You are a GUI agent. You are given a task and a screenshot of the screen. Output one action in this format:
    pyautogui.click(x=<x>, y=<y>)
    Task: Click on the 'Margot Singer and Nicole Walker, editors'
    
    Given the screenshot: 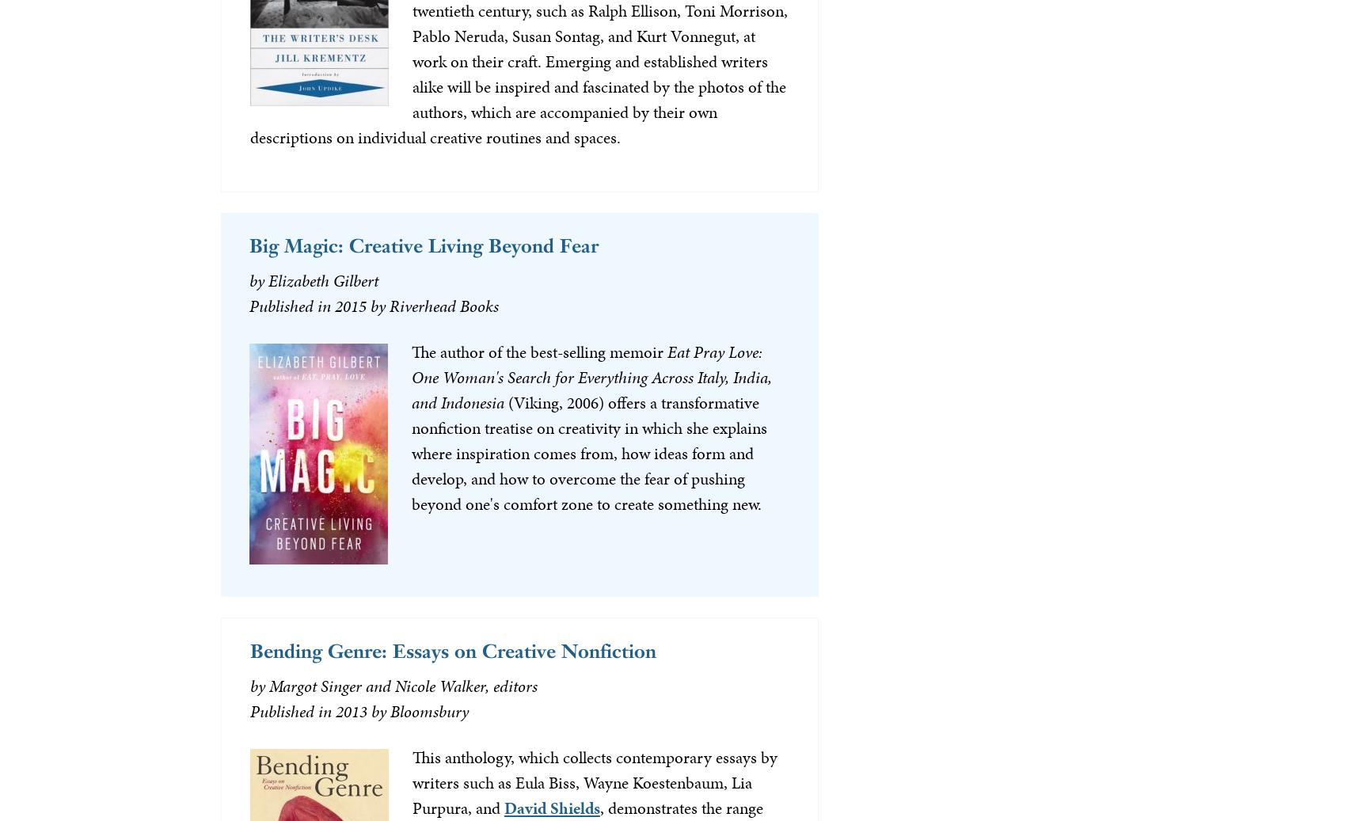 What is the action you would take?
    pyautogui.click(x=402, y=685)
    